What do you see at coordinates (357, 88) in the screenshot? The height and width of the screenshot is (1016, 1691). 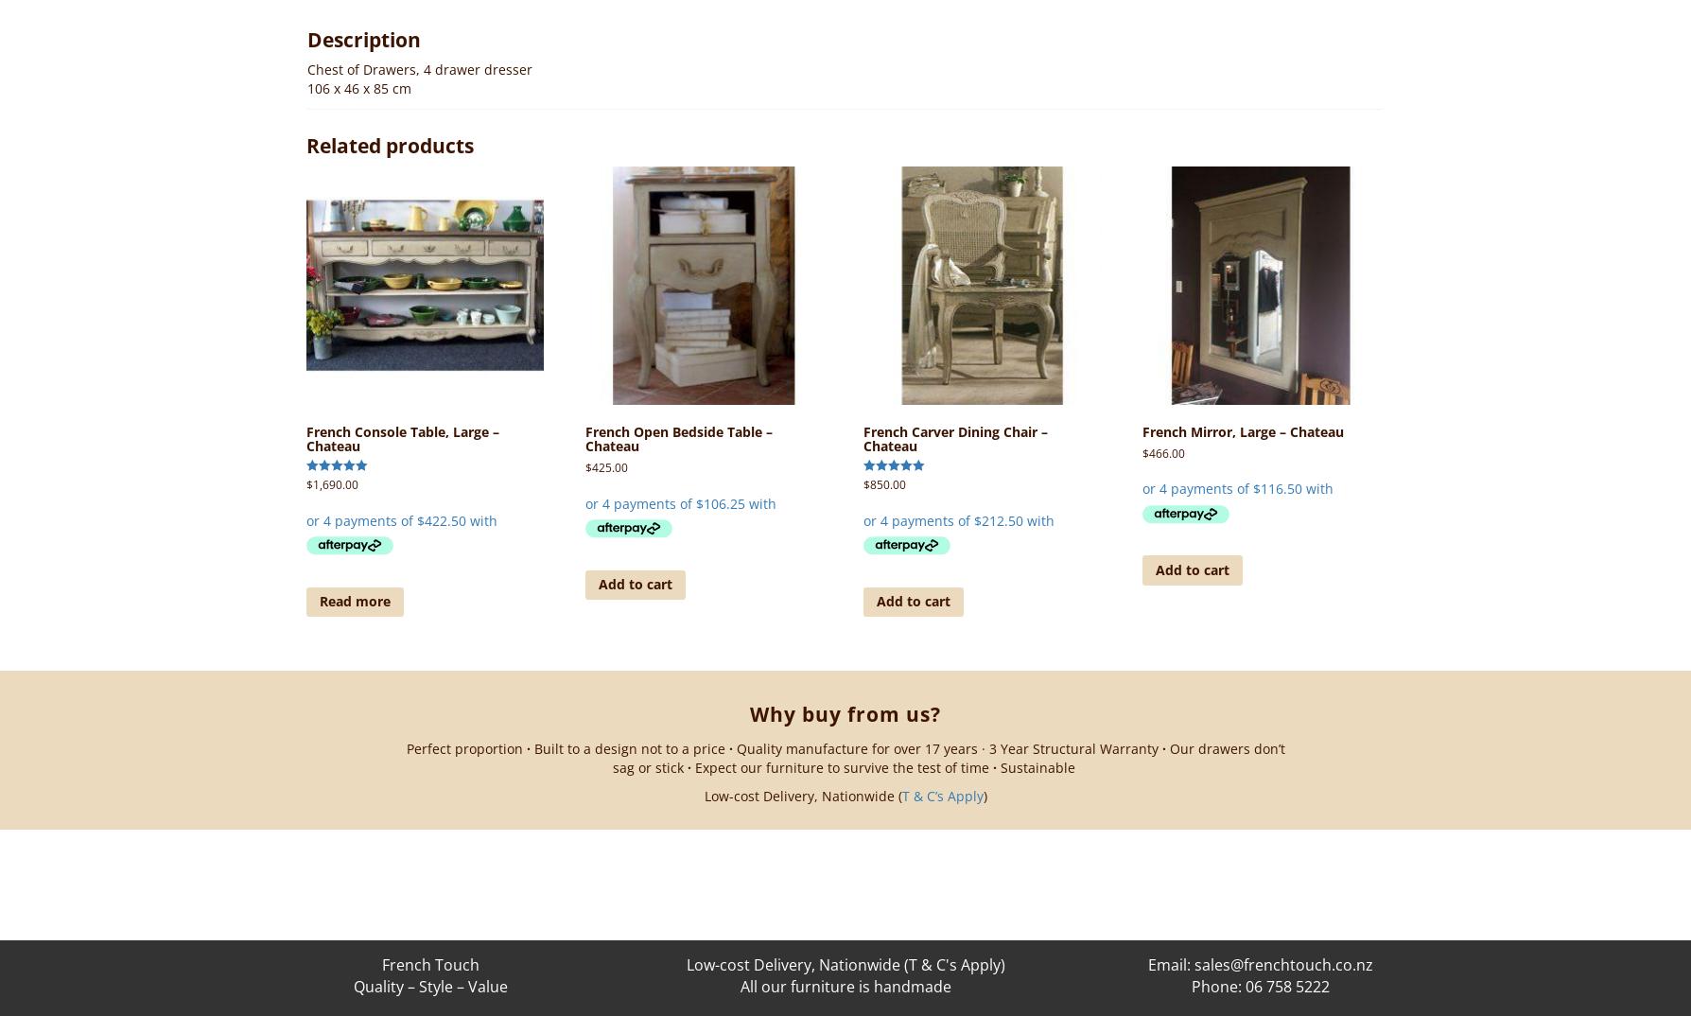 I see `'106 x 46 x 85 cm'` at bounding box center [357, 88].